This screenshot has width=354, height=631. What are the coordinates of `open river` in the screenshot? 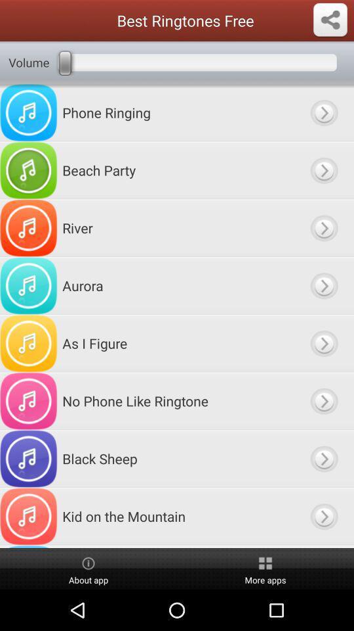 It's located at (323, 228).